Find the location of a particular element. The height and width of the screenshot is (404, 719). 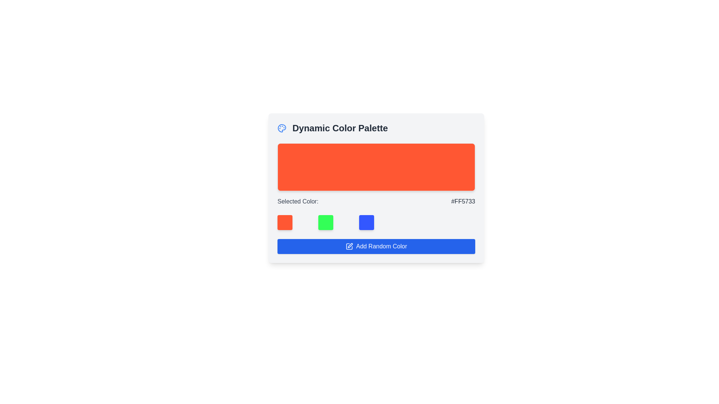

the second square-shaped button with a bright green background located between a red square on the left and a blue square on the right, below the text 'Selected Color:' is located at coordinates (325, 222).